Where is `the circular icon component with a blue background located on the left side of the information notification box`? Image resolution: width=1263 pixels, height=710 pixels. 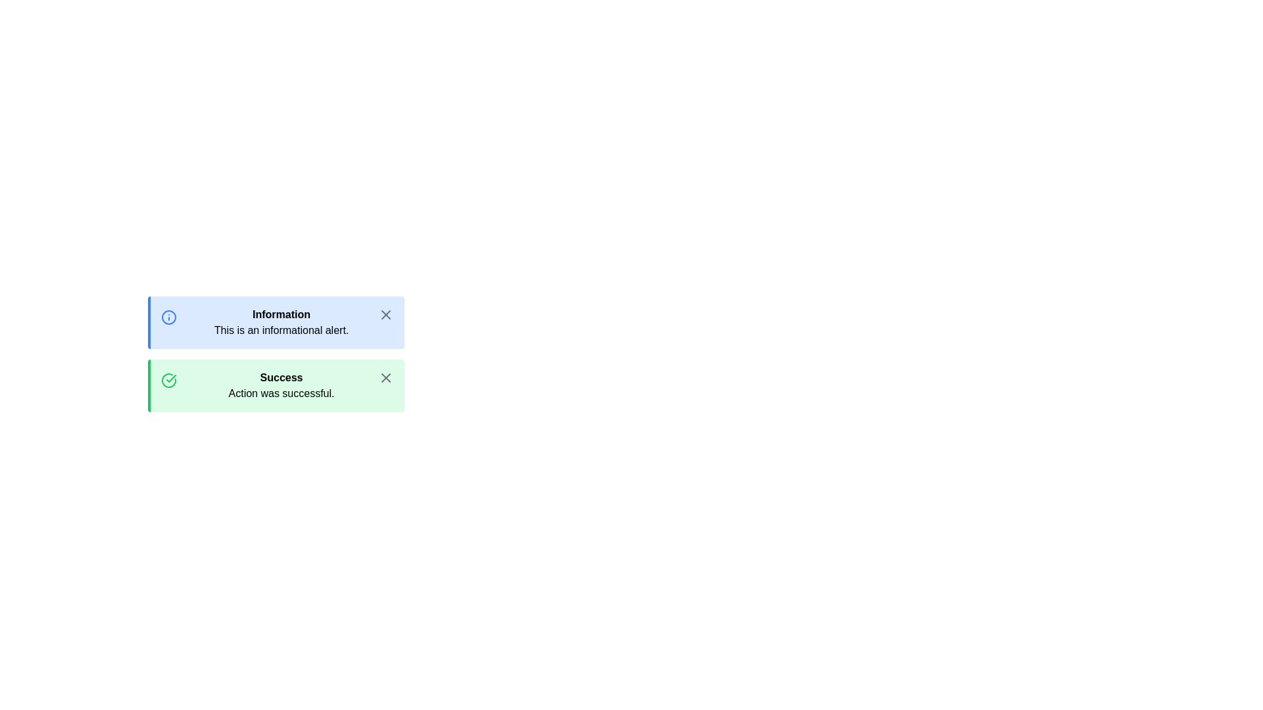
the circular icon component with a blue background located on the left side of the information notification box is located at coordinates (168, 317).